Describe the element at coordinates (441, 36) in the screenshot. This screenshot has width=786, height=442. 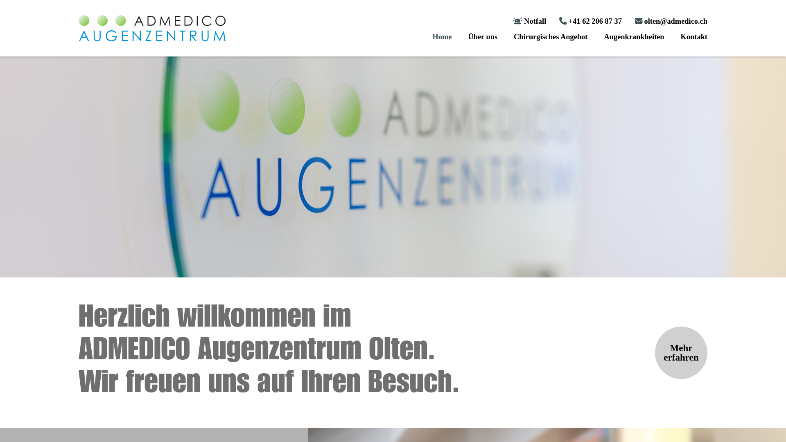
I see `'Home'` at that location.